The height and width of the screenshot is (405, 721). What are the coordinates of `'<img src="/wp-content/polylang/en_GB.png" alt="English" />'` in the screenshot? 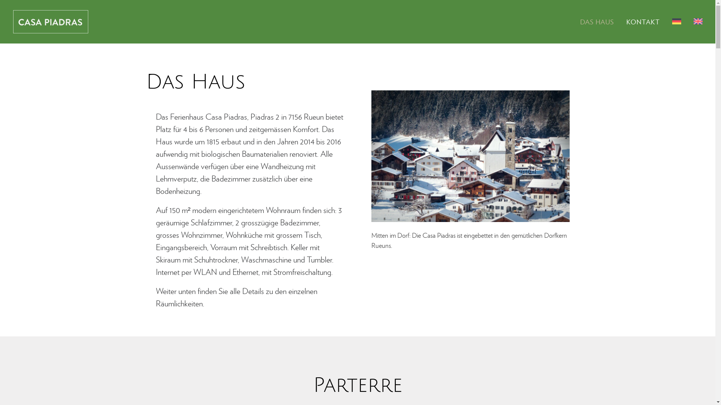 It's located at (695, 21).